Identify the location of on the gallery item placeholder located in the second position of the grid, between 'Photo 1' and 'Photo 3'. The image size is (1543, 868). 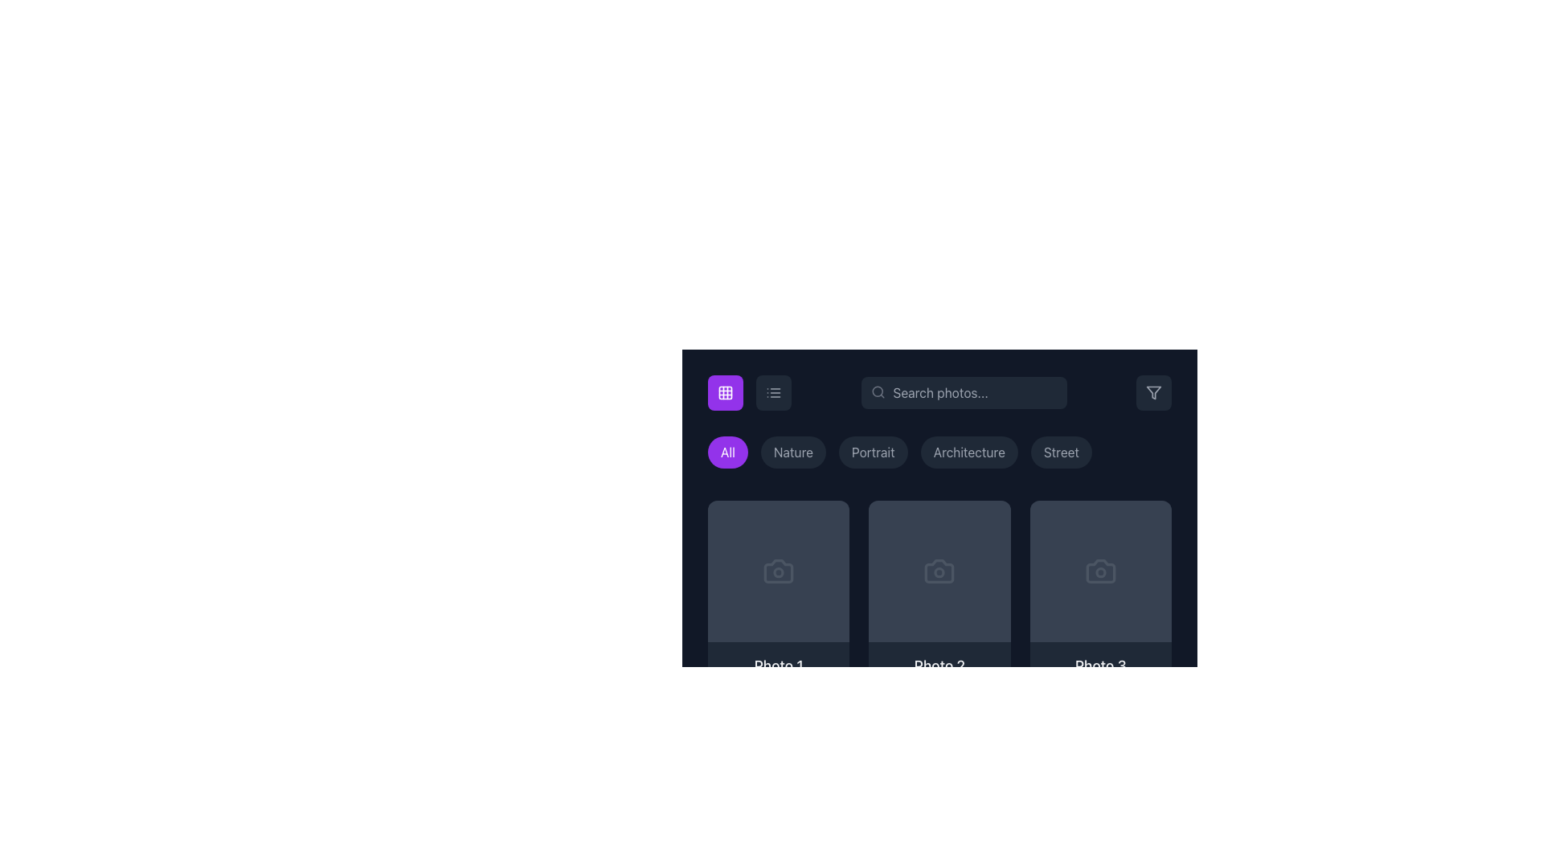
(939, 571).